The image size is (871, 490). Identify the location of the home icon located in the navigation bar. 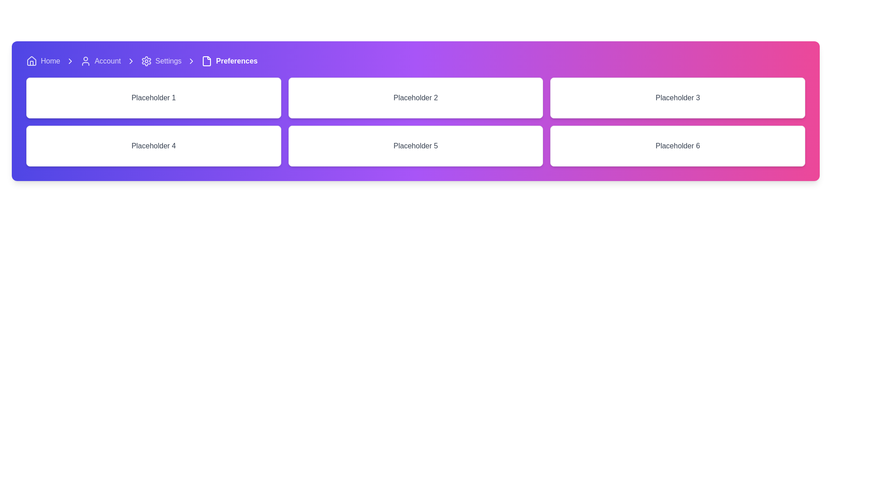
(32, 61).